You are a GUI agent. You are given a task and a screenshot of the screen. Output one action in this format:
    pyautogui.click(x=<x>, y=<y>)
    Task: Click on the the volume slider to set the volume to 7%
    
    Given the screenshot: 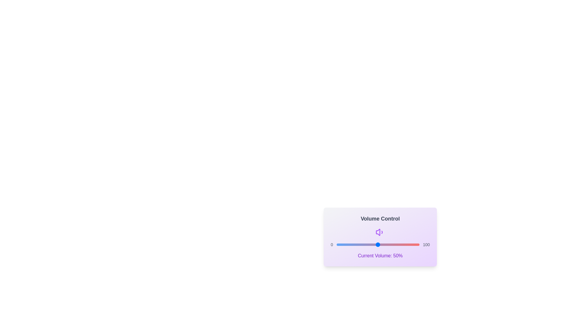 What is the action you would take?
    pyautogui.click(x=342, y=244)
    